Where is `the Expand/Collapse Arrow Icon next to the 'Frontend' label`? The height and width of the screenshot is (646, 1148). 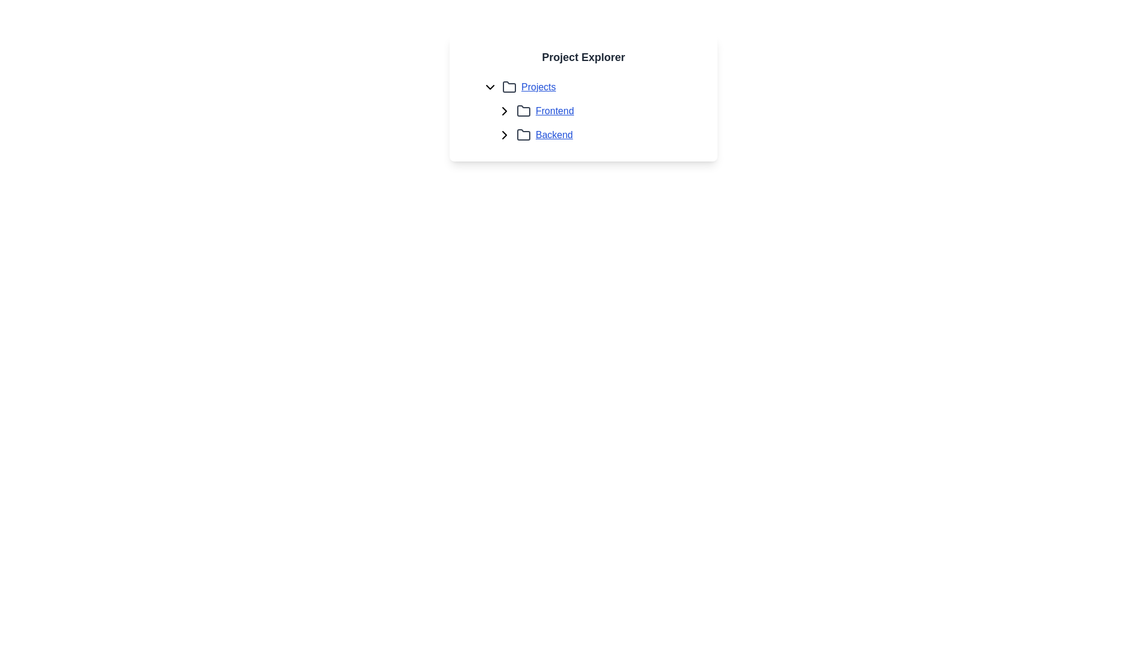
the Expand/Collapse Arrow Icon next to the 'Frontend' label is located at coordinates (505, 135).